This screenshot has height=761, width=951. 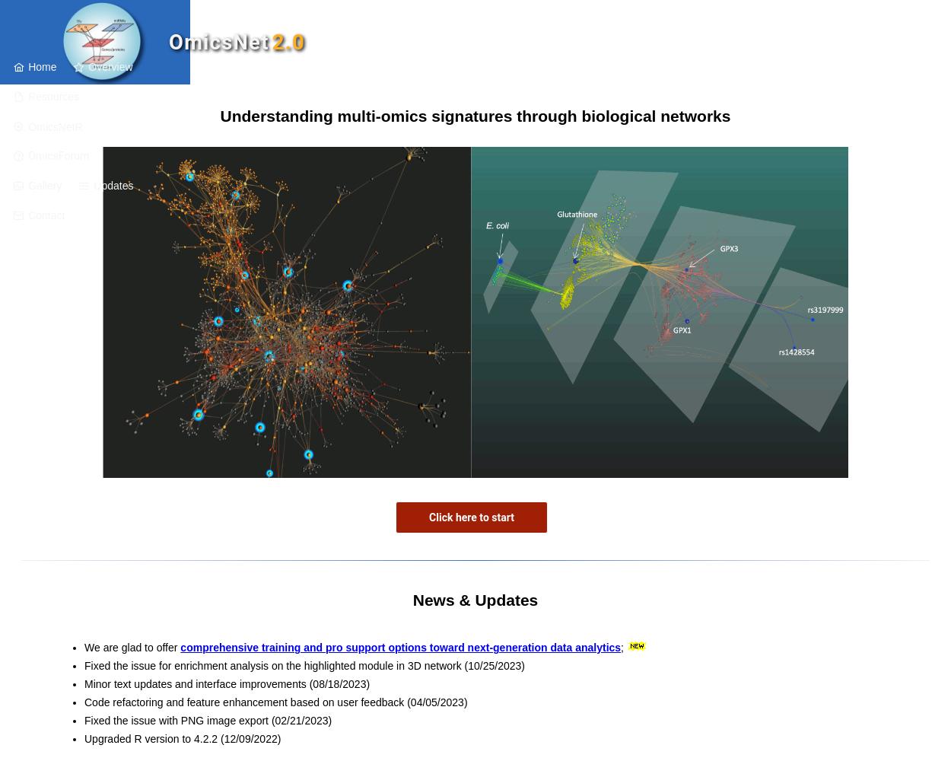 I want to click on 'Click here to start', so click(x=470, y=517).